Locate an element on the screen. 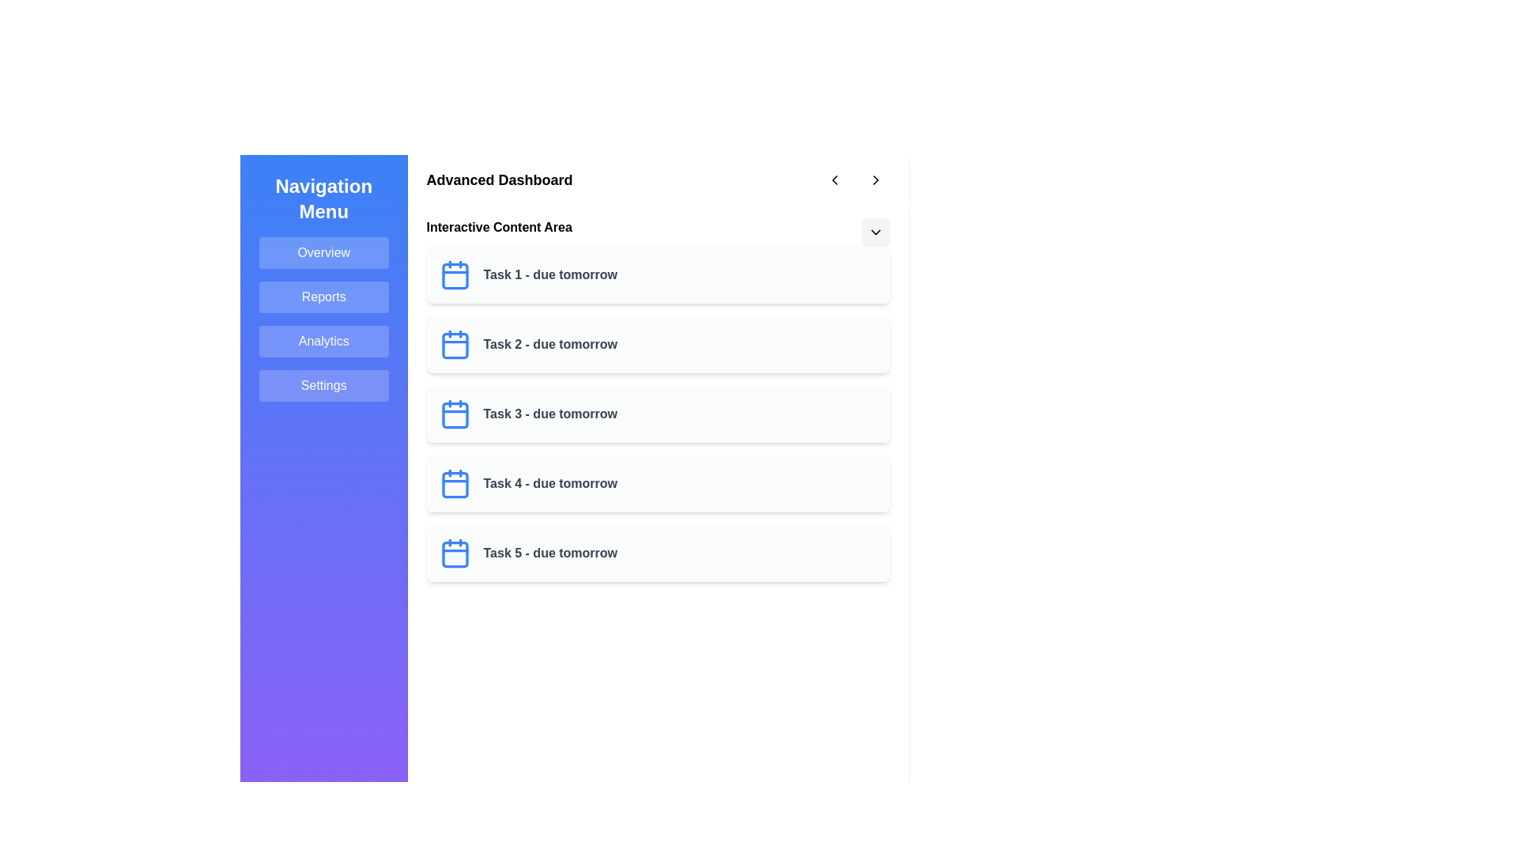 The image size is (1518, 854). the icon representing the task's timeframe in the first task card labeled 'Task 1 - due tomorrow', which is positioned on the leftmost side adjacent to the textual content is located at coordinates (454, 274).